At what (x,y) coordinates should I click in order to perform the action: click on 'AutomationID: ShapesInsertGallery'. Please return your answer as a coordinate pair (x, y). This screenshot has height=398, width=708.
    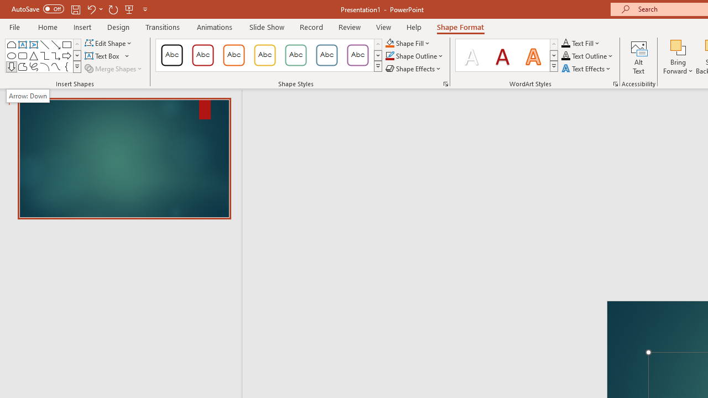
    Looking at the image, I should click on (43, 55).